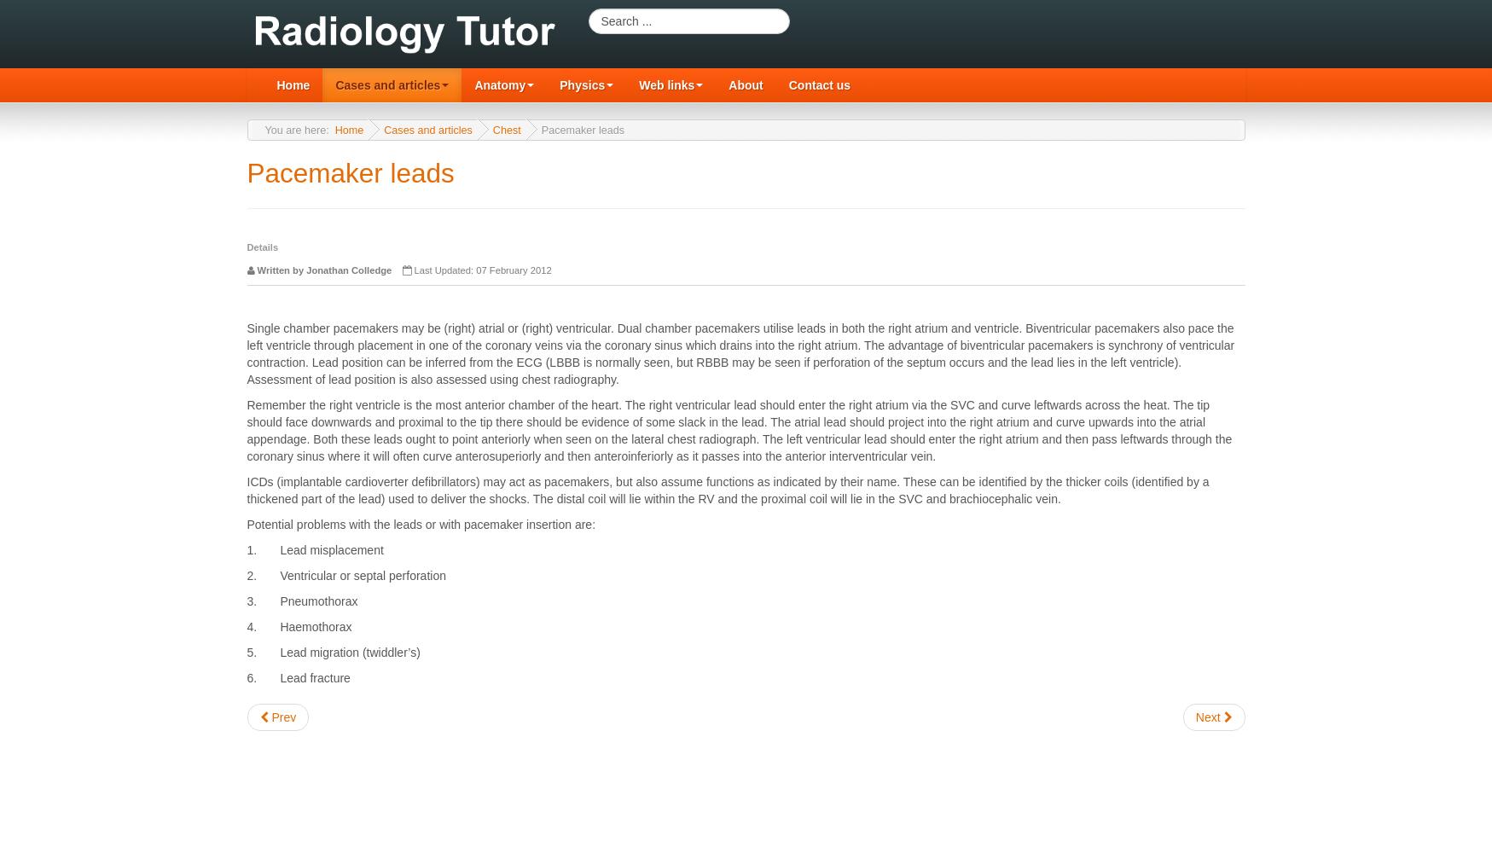 This screenshot has width=1492, height=853. I want to click on 'ICDs (implantable cardioverter defibrillators) may act as pacemakers, but also assume functions as indicated by their name. These can be identified by the thicker coils (identified by a thickened part of the lead) used to deliver the shocks. The distal coil will lie within the RV and the proximal coil will lie in the SVC and brachiocephalic vein.', so click(726, 490).